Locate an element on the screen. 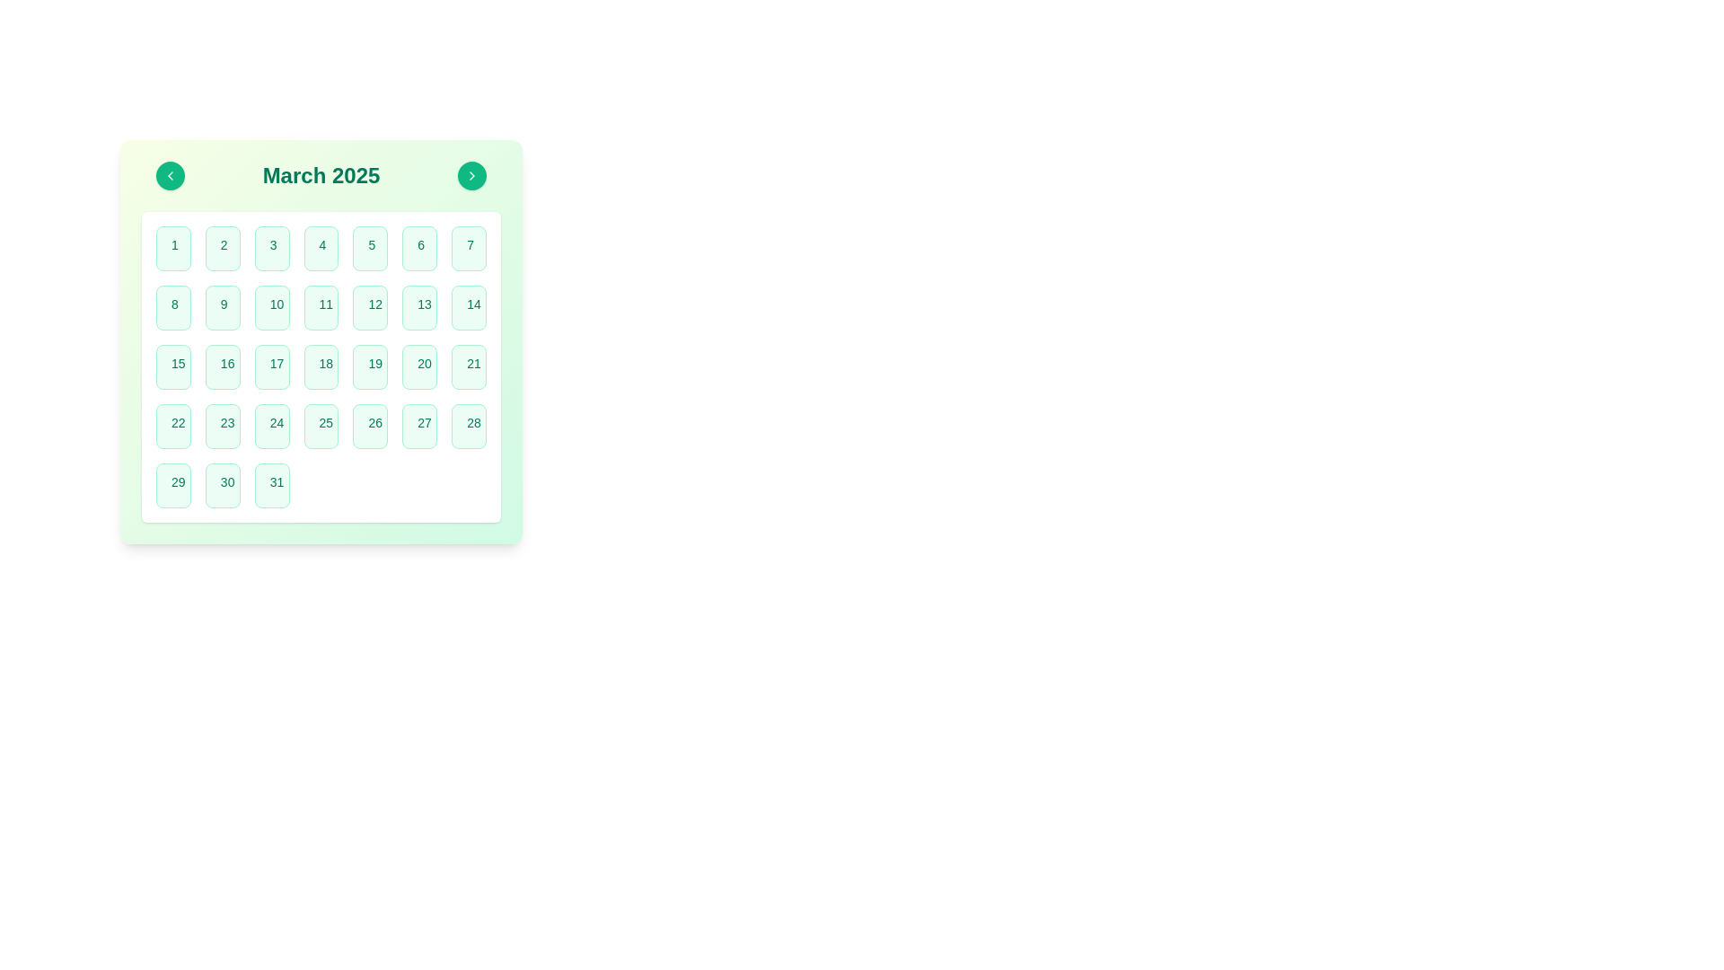 The height and width of the screenshot is (970, 1724). the 19th day tile in the March 2025 calendar is located at coordinates (369, 366).